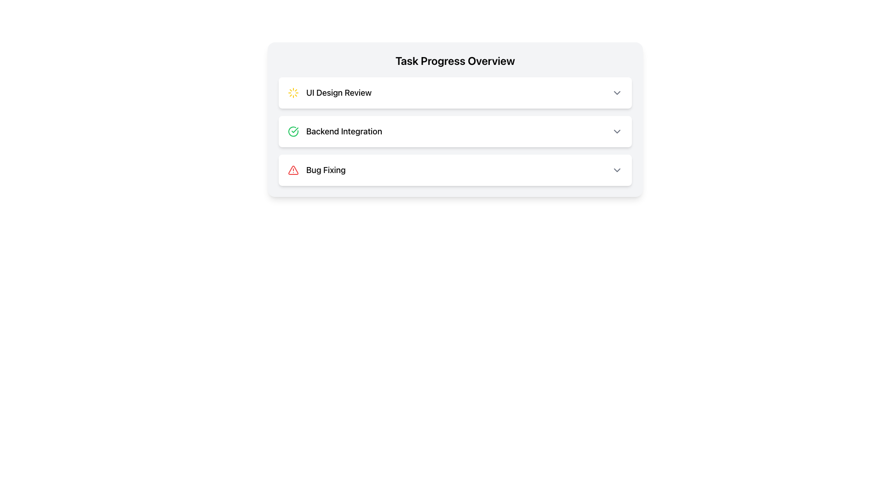 This screenshot has width=883, height=497. What do you see at coordinates (617, 92) in the screenshot?
I see `the downward-pointing chevron icon at the far-right end of the UI Design Review row` at bounding box center [617, 92].